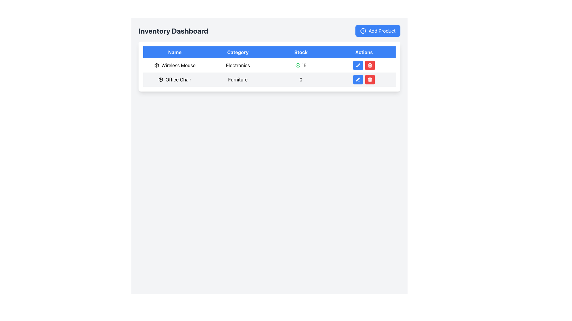  I want to click on the 'Office Chair' text label in the 'Name' column of the inventory table, located between the package icon and the 'Furniture' label, so click(174, 79).